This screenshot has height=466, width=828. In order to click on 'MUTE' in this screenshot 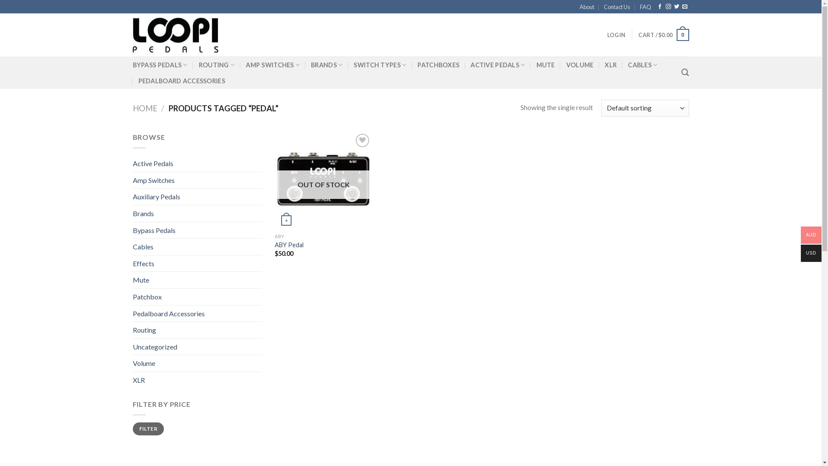, I will do `click(536, 64)`.